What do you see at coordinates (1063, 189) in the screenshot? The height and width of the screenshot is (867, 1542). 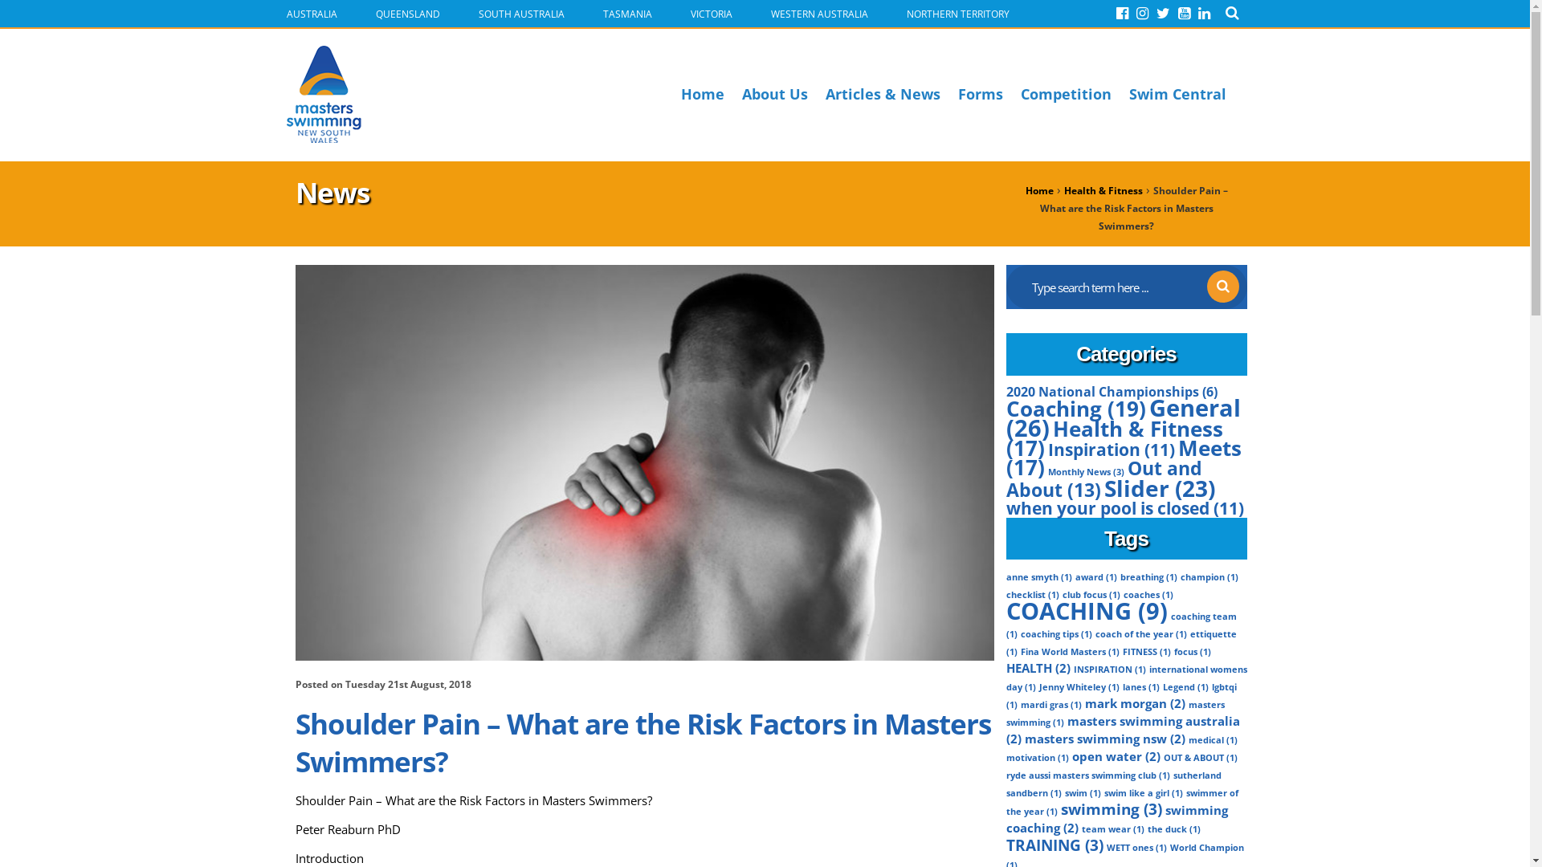 I see `'Health & Fitness'` at bounding box center [1063, 189].